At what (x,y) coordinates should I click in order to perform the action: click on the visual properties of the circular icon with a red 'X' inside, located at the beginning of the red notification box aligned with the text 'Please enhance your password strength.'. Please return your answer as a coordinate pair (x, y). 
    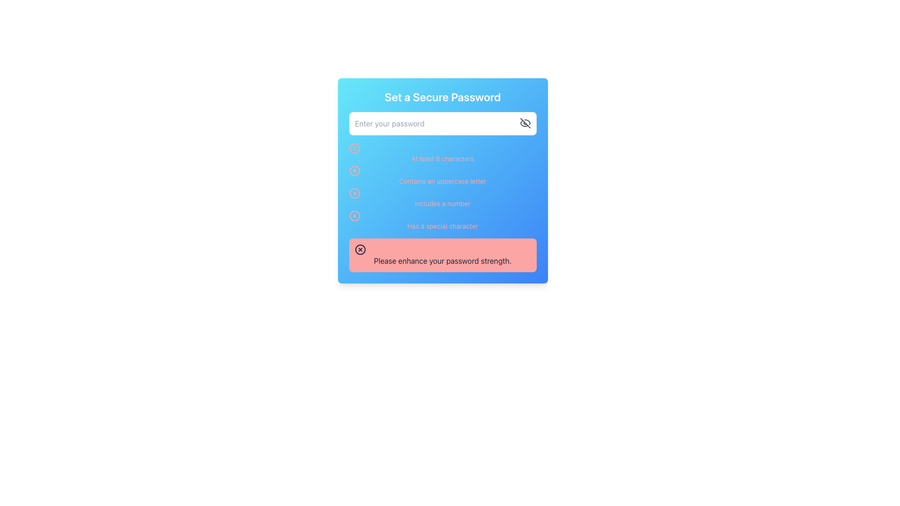
    Looking at the image, I should click on (360, 249).